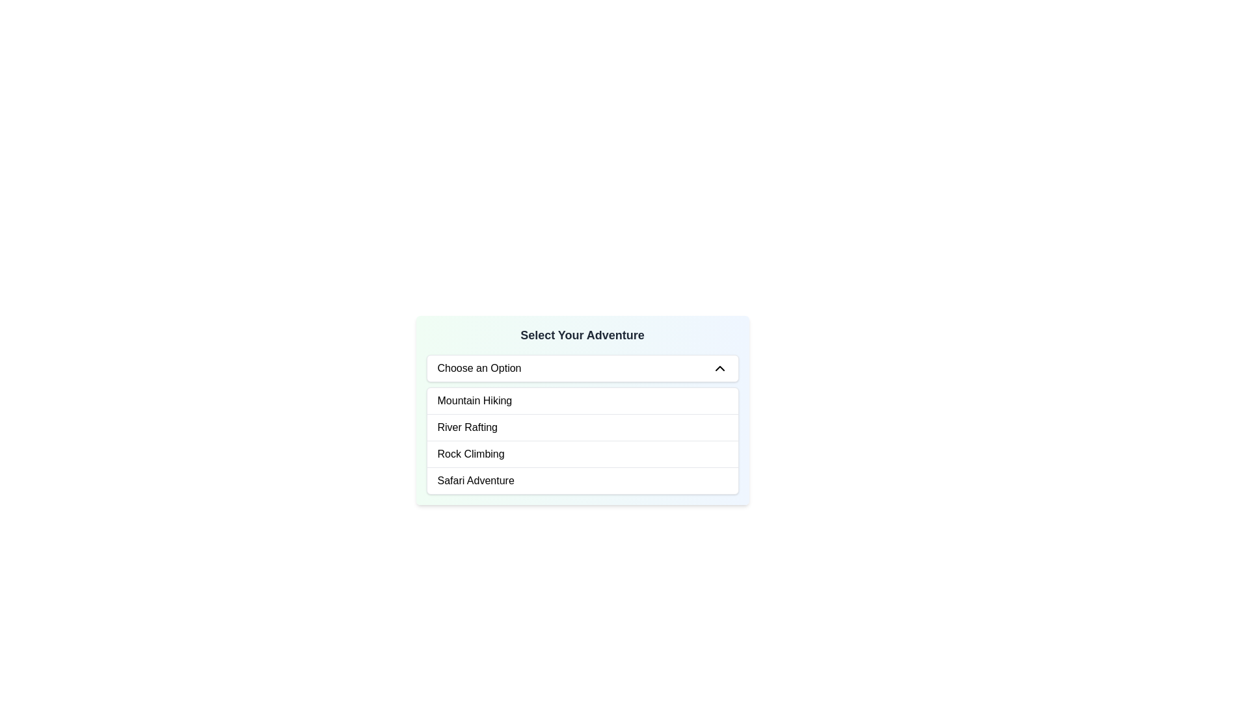  Describe the element at coordinates (582, 427) in the screenshot. I see `the 'River Rafting' list item in the dropdown menu` at that location.